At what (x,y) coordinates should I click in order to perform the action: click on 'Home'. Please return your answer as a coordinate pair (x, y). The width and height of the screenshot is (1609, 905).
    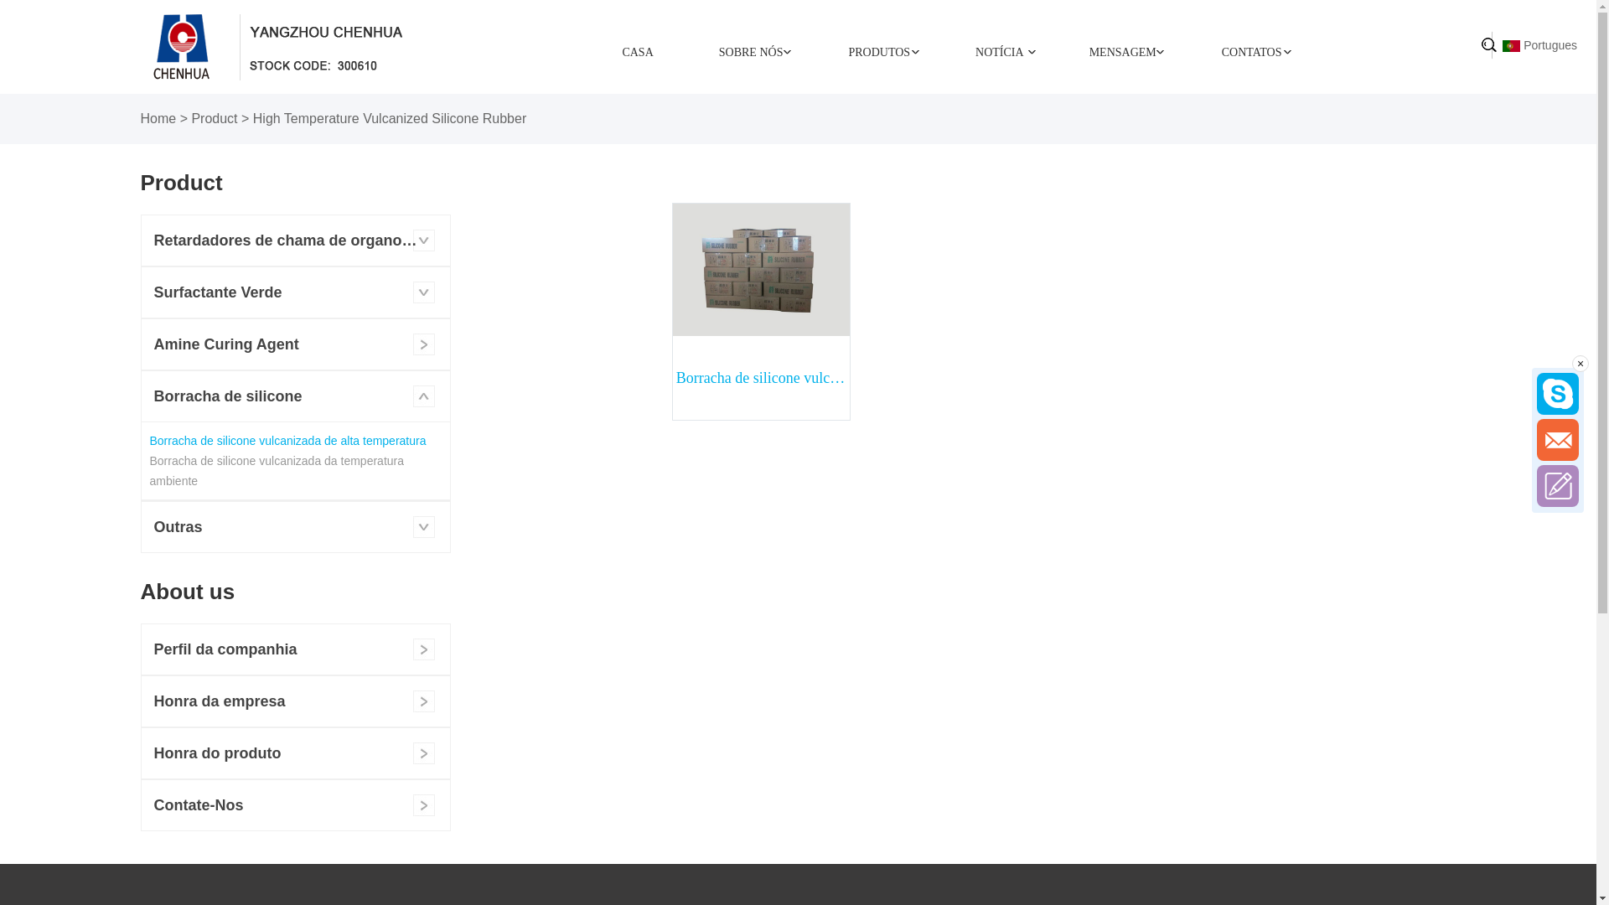
    Looking at the image, I should click on (158, 117).